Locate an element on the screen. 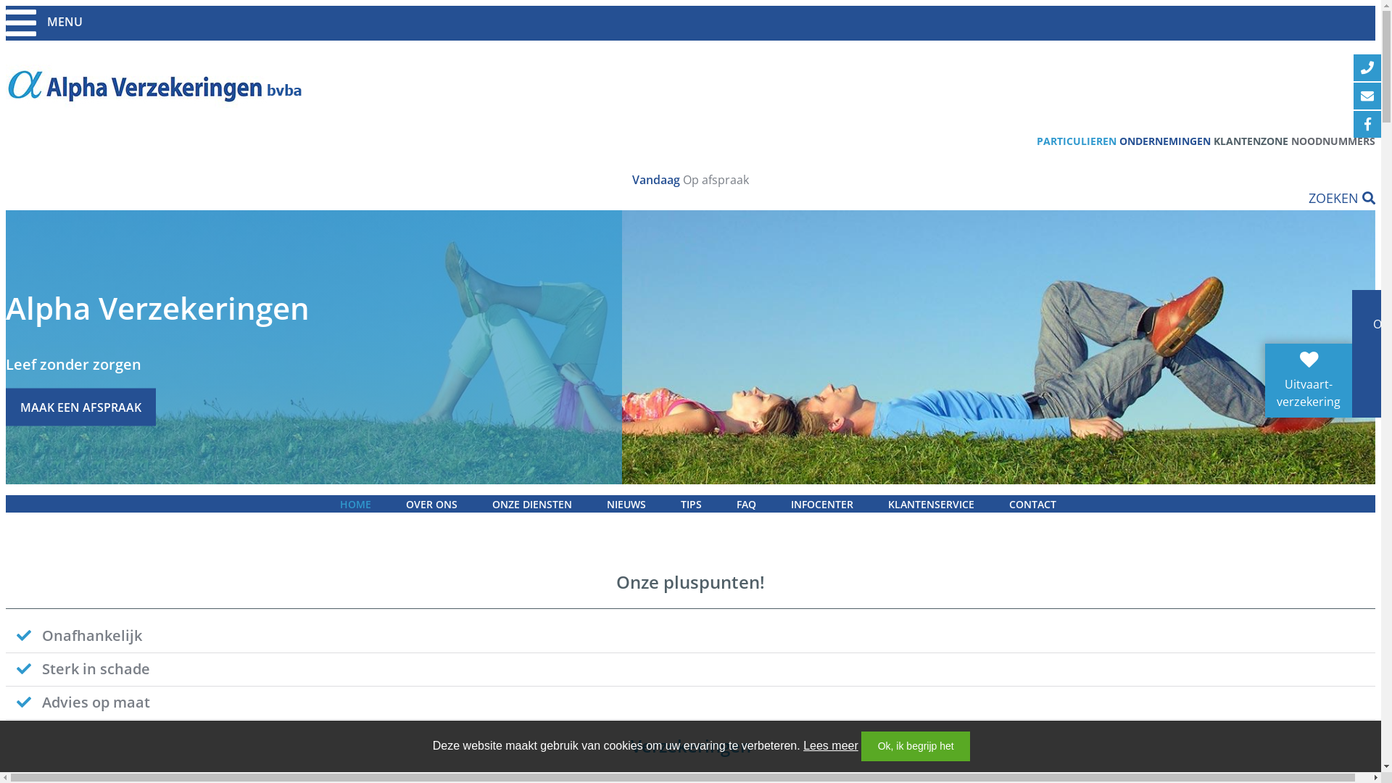 The width and height of the screenshot is (1392, 783). 'NOODNUMMERS' is located at coordinates (1290, 141).